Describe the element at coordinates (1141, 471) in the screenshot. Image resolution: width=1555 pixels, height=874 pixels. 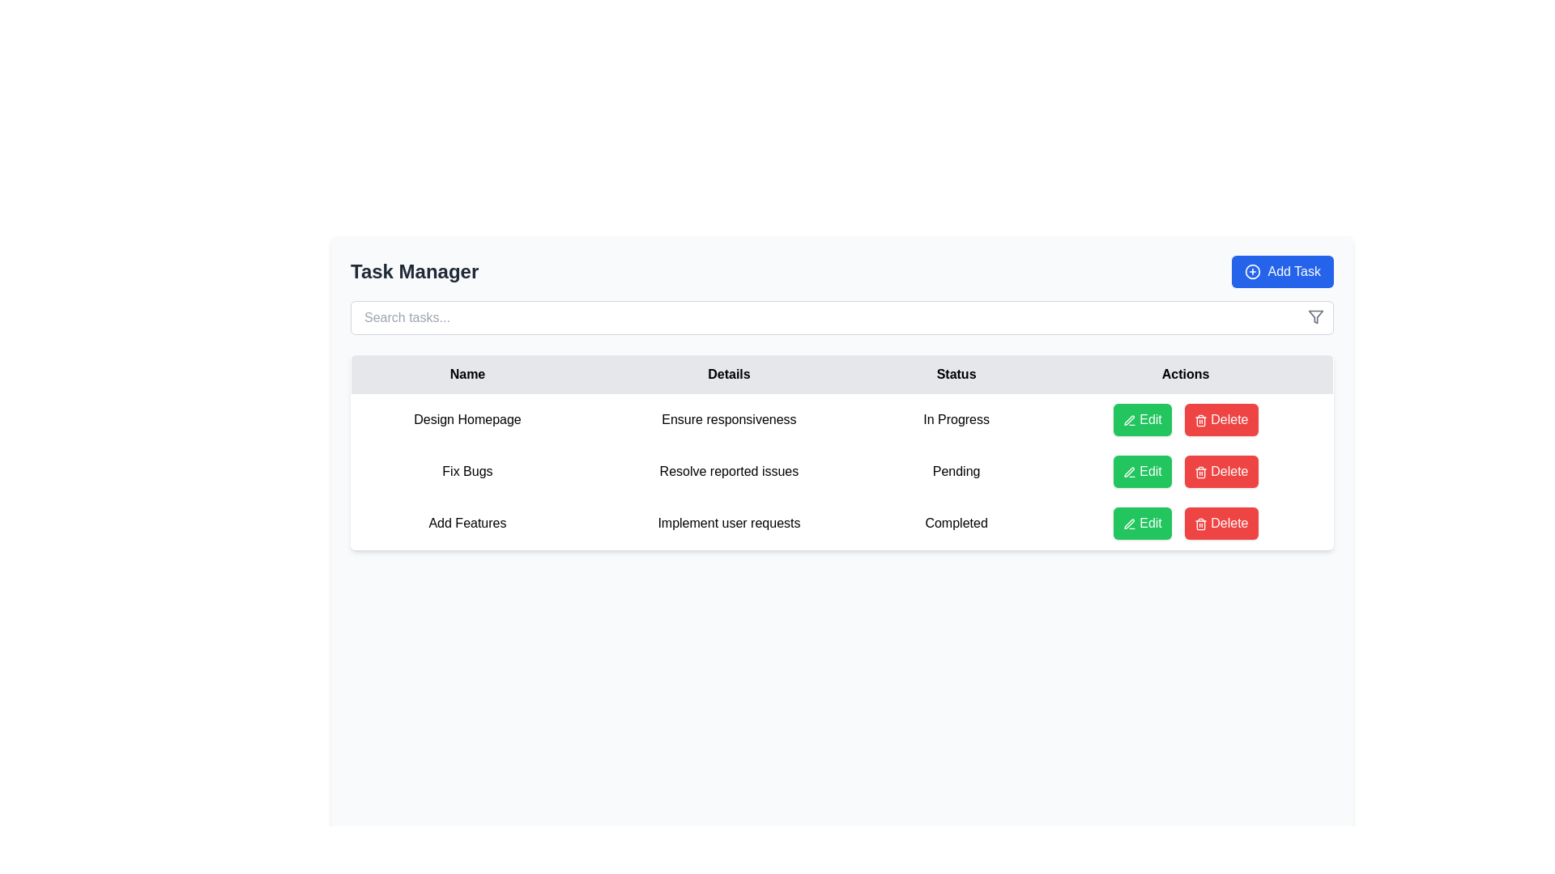
I see `the 'Edit' button with a green background and pencil icon, located in the 'Actions' column of the second row of the table` at that location.